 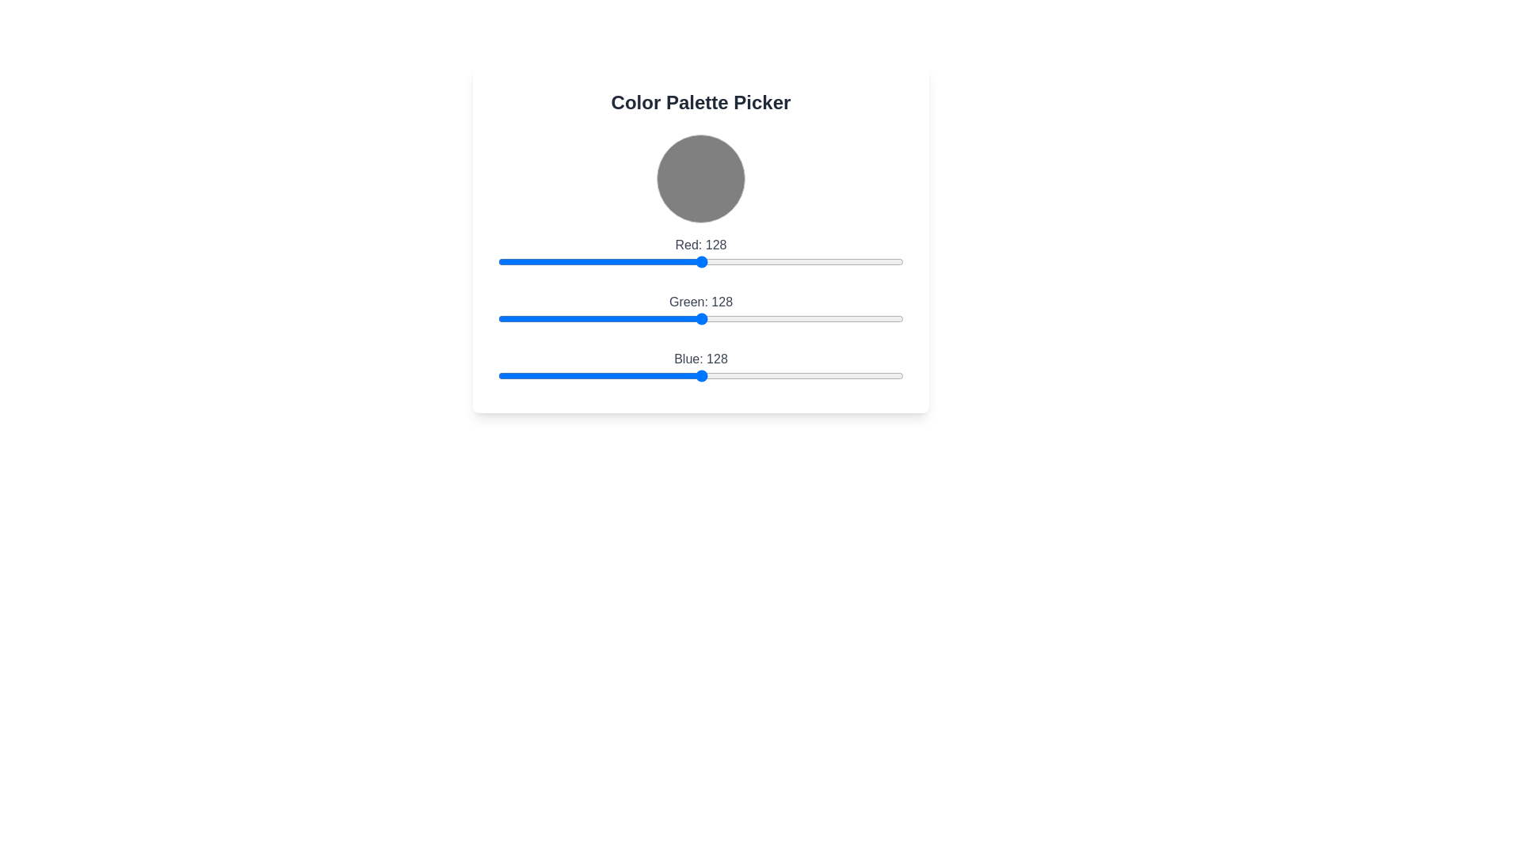 What do you see at coordinates (700, 178) in the screenshot?
I see `the Circular color display in the Color Palette Picker interface, which shows the currently selected color` at bounding box center [700, 178].